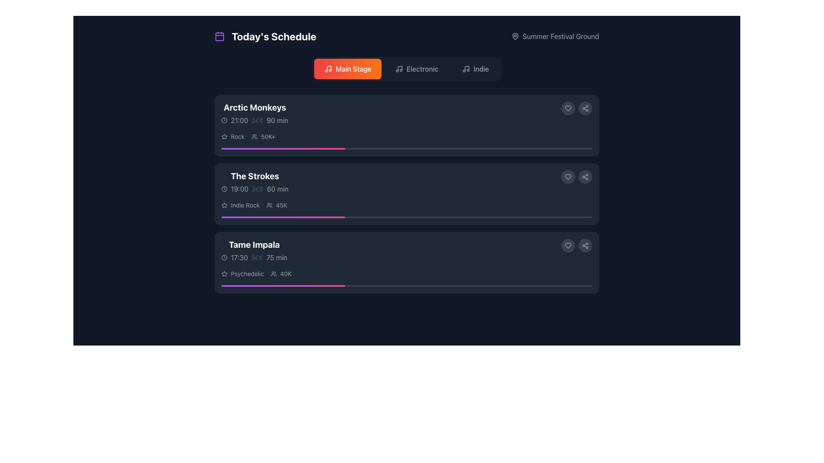 The image size is (824, 463). I want to click on the text display for the scheduled event information, which shows 'The Strokes' event details, located in the middle event card of the vertical list, so click(254, 181).